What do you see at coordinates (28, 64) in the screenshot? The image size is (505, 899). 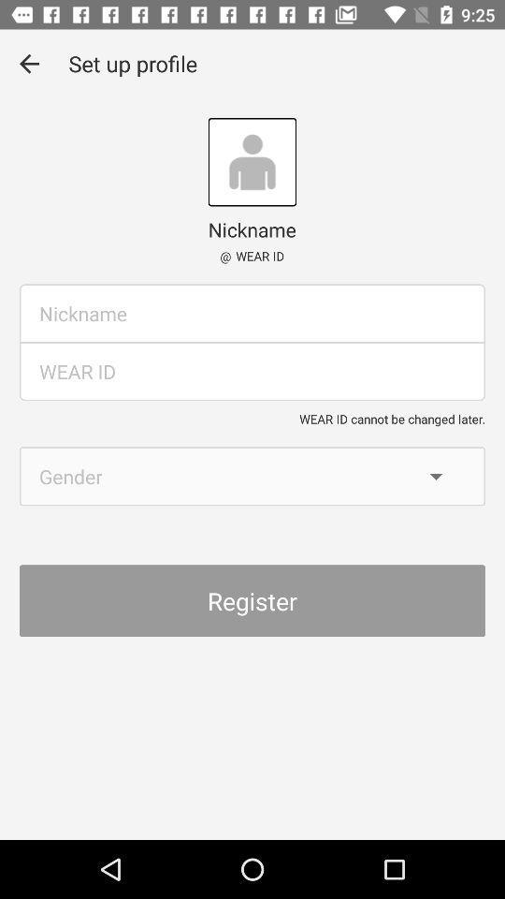 I see `the arrow_backward icon` at bounding box center [28, 64].